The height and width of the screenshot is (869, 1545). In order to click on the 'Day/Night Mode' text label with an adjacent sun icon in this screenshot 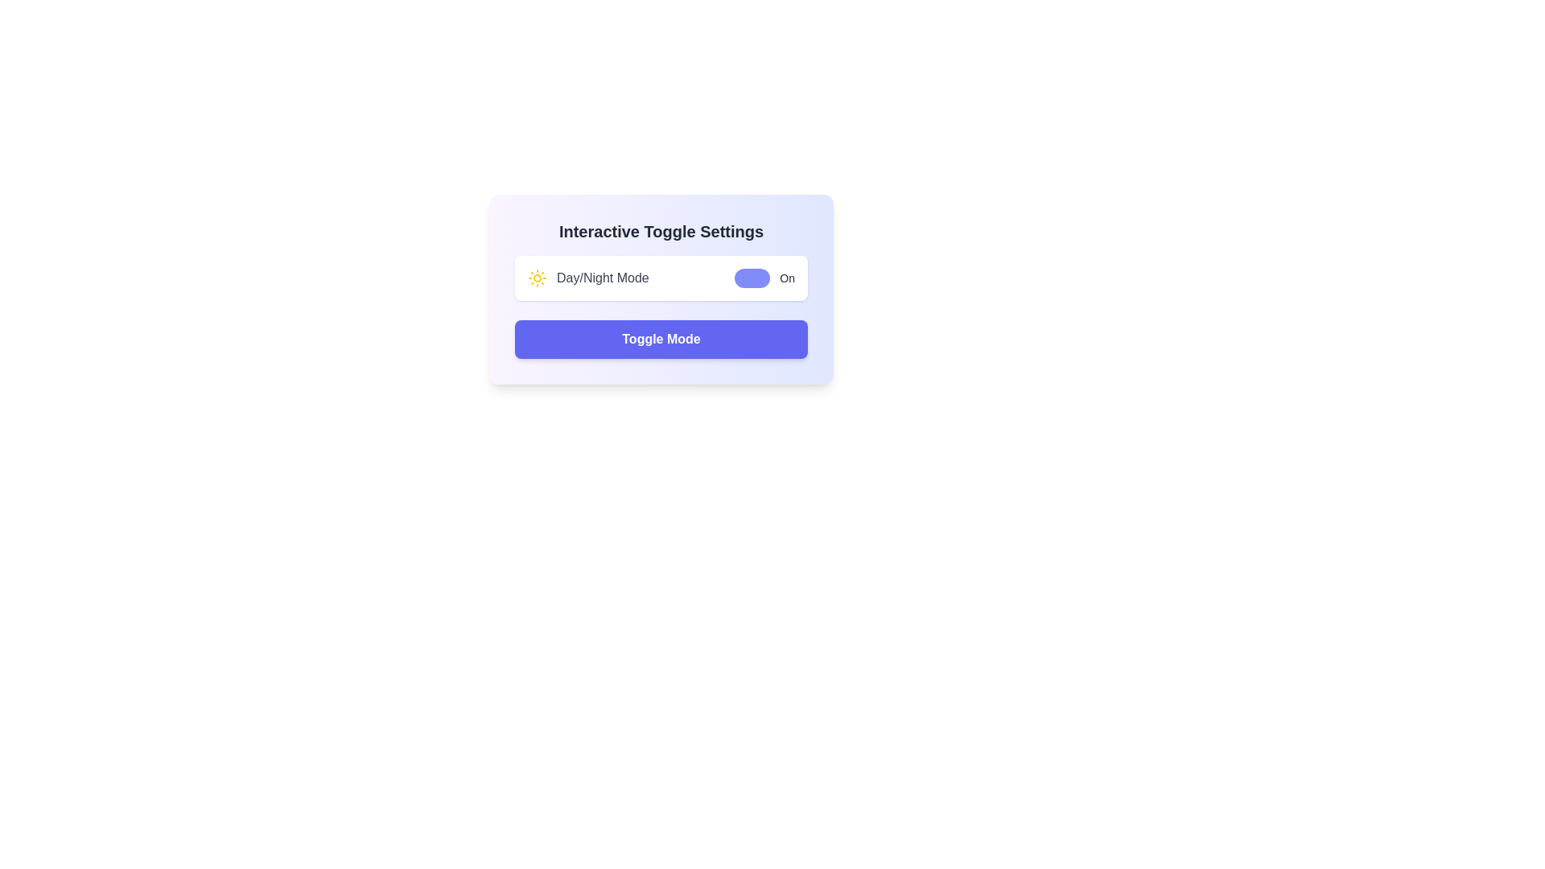, I will do `click(587, 278)`.